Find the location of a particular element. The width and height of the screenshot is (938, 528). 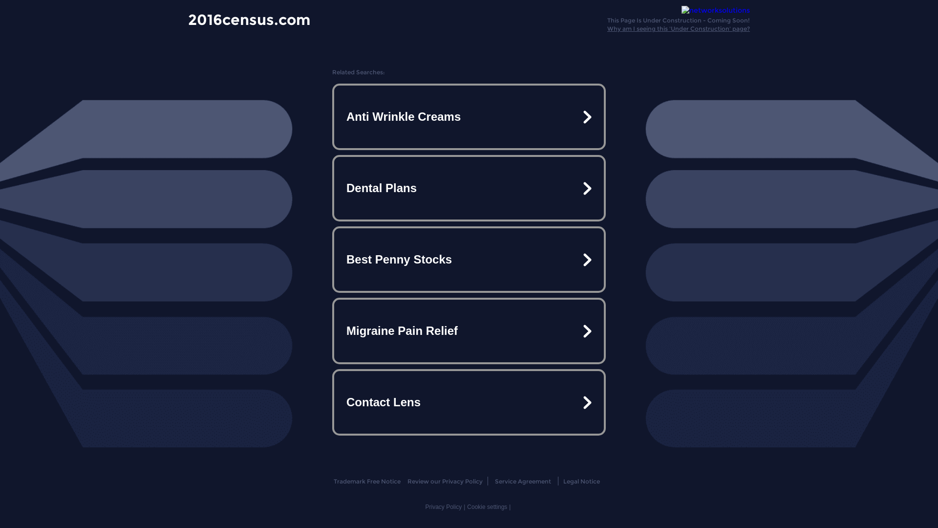

'Anti Wrinkle Creams' is located at coordinates (469, 116).